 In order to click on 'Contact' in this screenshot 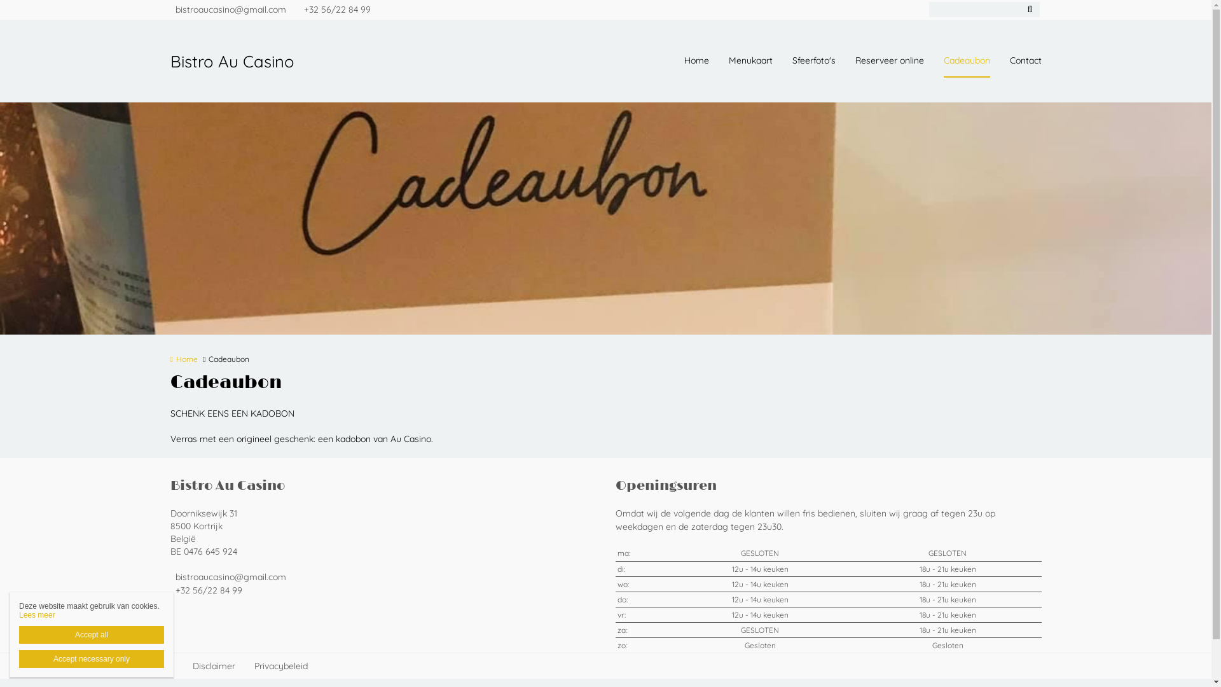, I will do `click(1009, 61)`.